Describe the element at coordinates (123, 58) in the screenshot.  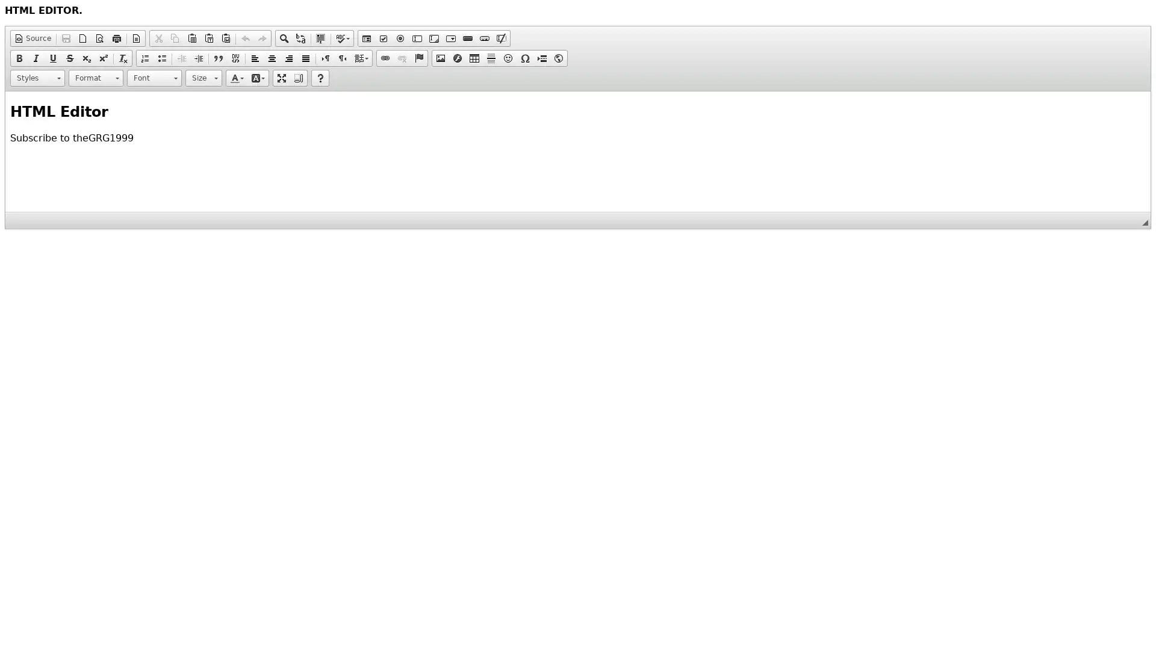
I see `Remove Format` at that location.